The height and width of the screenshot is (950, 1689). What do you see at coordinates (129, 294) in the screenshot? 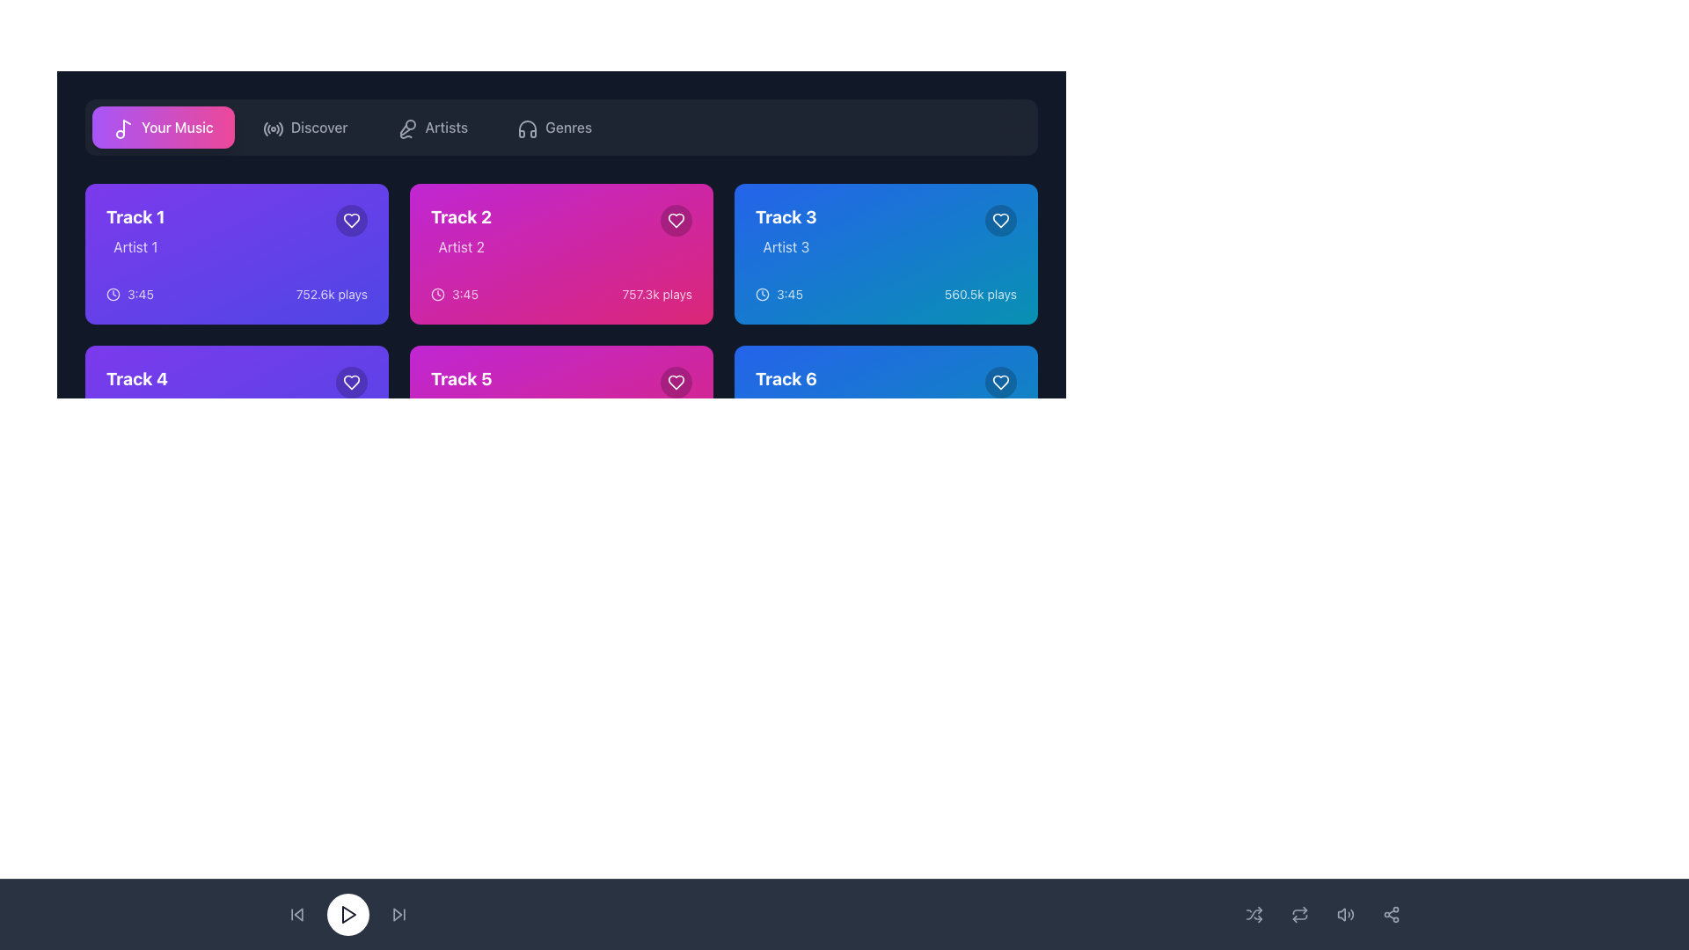
I see `the Label with a clock icon displaying '3:45' located in the lower-left corner of the 'Track 1' card` at bounding box center [129, 294].